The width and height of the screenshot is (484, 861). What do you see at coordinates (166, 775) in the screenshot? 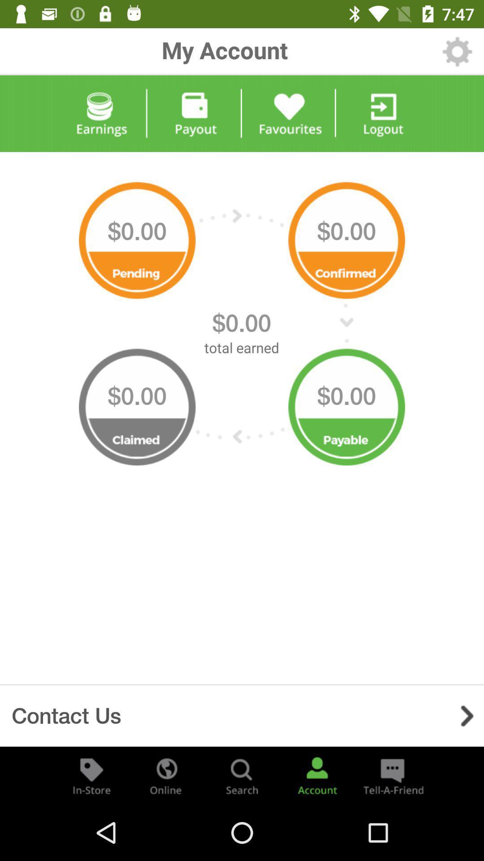
I see `the globe icon` at bounding box center [166, 775].